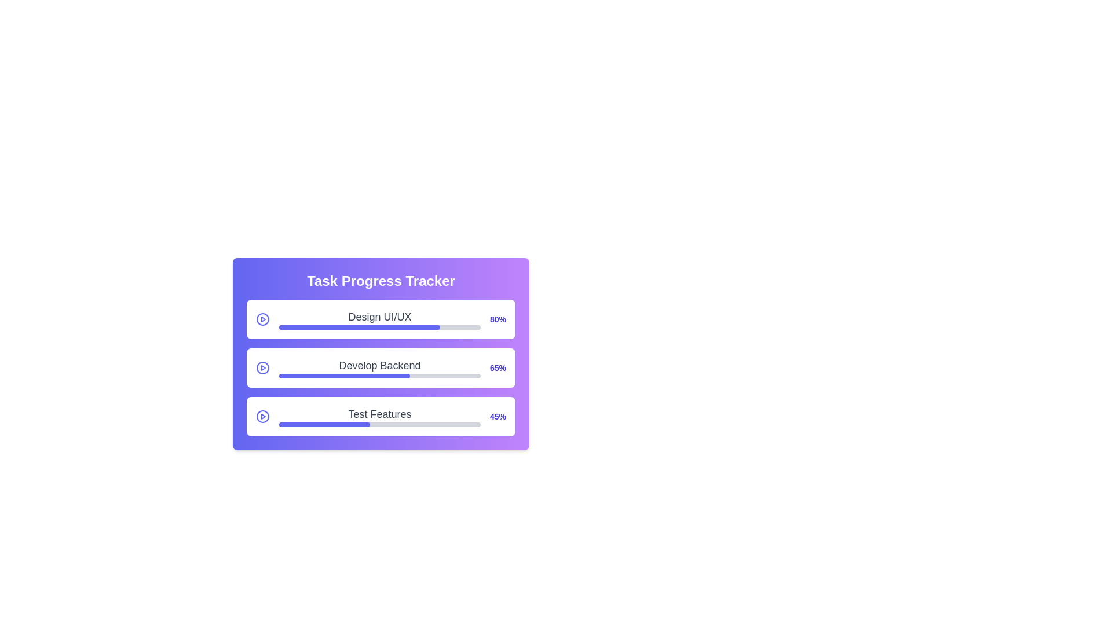 This screenshot has width=1112, height=625. What do you see at coordinates (380, 328) in the screenshot?
I see `the progress bar located directly below the 'Design UI/UX' text, which has a gray background and a blue progress indicator spanning 80% of its width` at bounding box center [380, 328].